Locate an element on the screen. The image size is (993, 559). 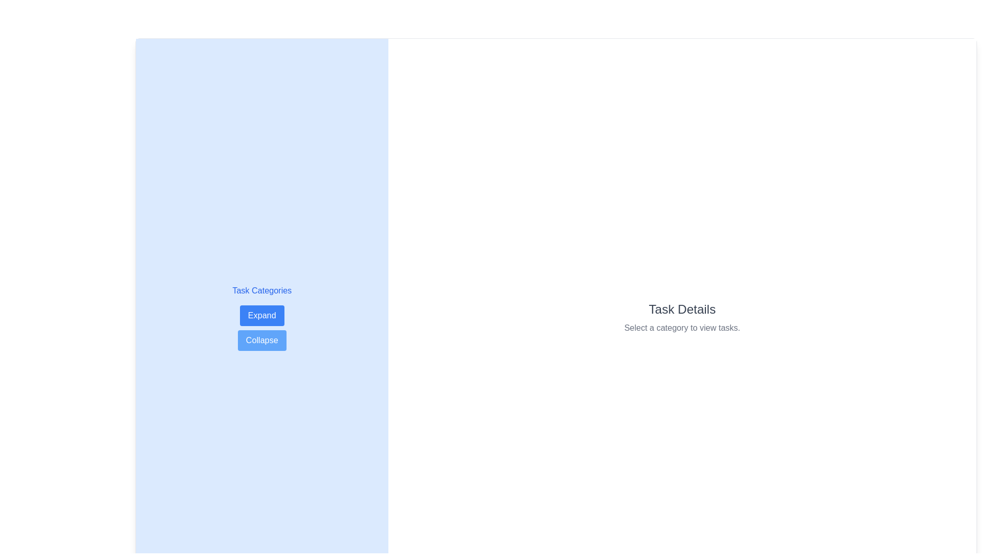
the collapse button located directly below the 'Expand' button in the left panel under 'Task Categories' is located at coordinates (262, 341).